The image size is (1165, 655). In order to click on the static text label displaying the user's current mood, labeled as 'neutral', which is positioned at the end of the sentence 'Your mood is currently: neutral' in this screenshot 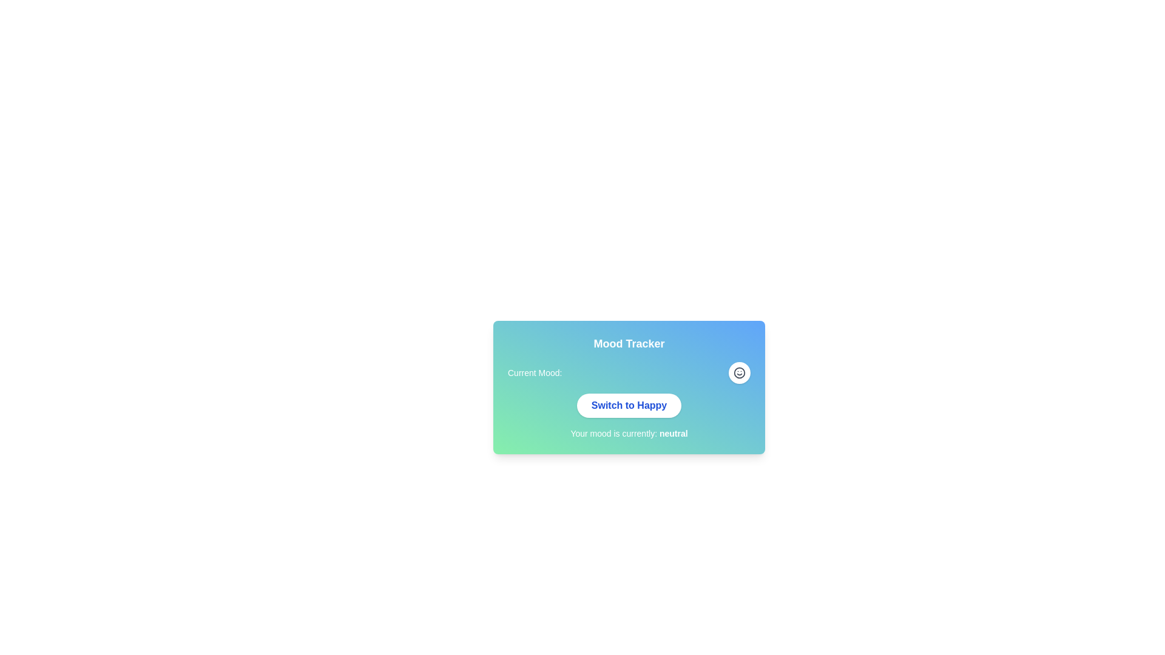, I will do `click(673, 432)`.